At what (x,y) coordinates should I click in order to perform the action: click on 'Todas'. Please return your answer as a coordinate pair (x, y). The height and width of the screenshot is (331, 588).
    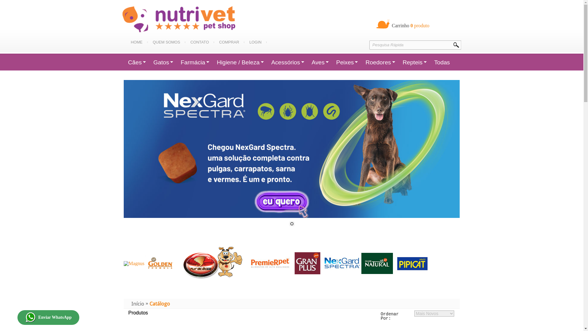
    Looking at the image, I should click on (428, 62).